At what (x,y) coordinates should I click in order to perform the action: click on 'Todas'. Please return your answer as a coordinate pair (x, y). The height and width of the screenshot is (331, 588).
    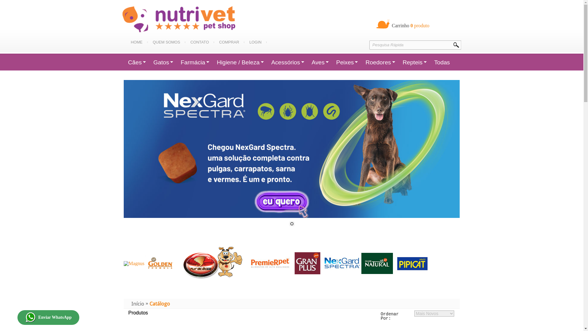
    Looking at the image, I should click on (428, 62).